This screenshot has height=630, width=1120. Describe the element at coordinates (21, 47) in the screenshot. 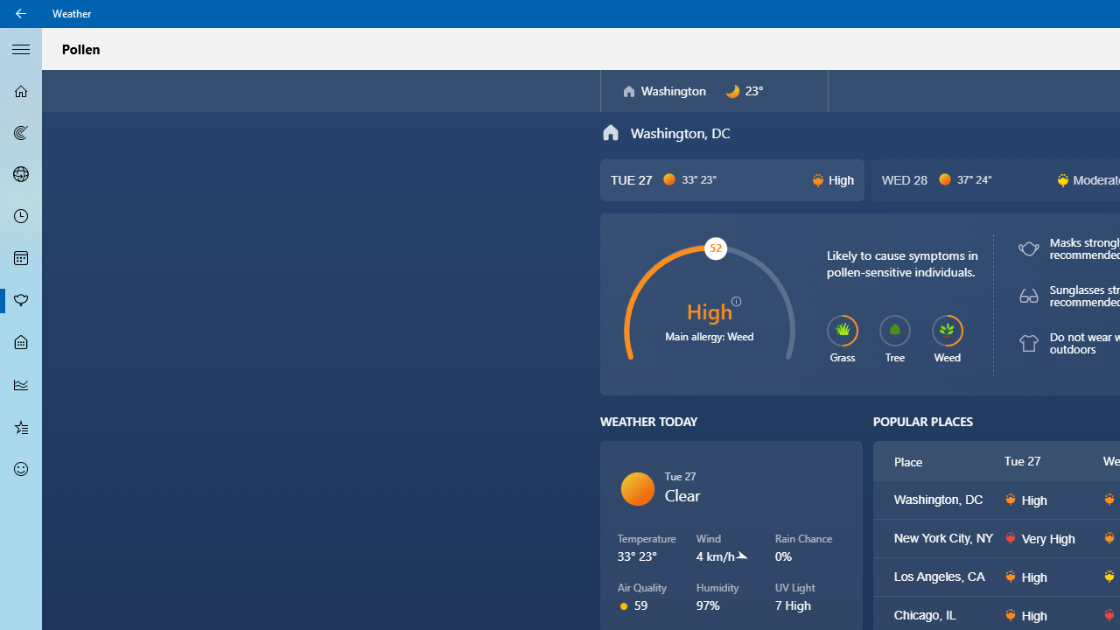

I see `'Collapse Navigation'` at that location.